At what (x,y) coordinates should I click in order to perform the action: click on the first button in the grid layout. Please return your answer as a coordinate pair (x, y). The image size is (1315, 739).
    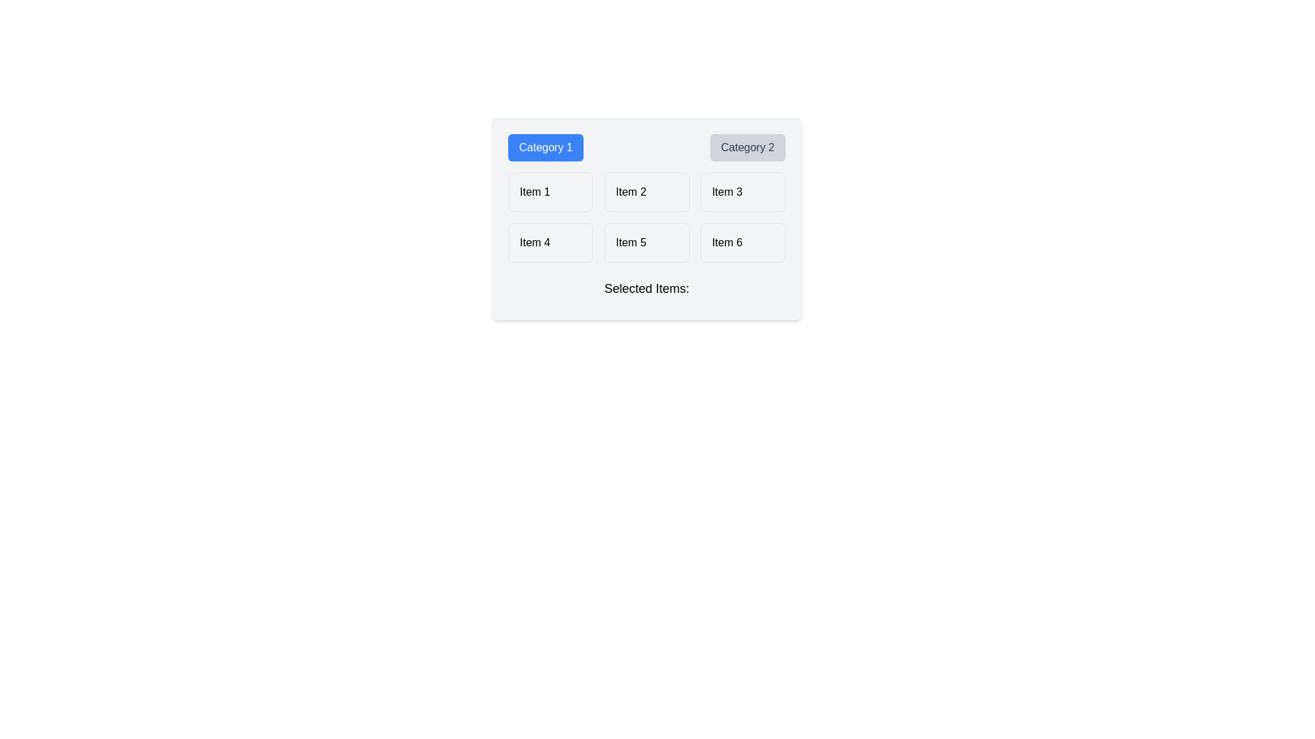
    Looking at the image, I should click on (551, 192).